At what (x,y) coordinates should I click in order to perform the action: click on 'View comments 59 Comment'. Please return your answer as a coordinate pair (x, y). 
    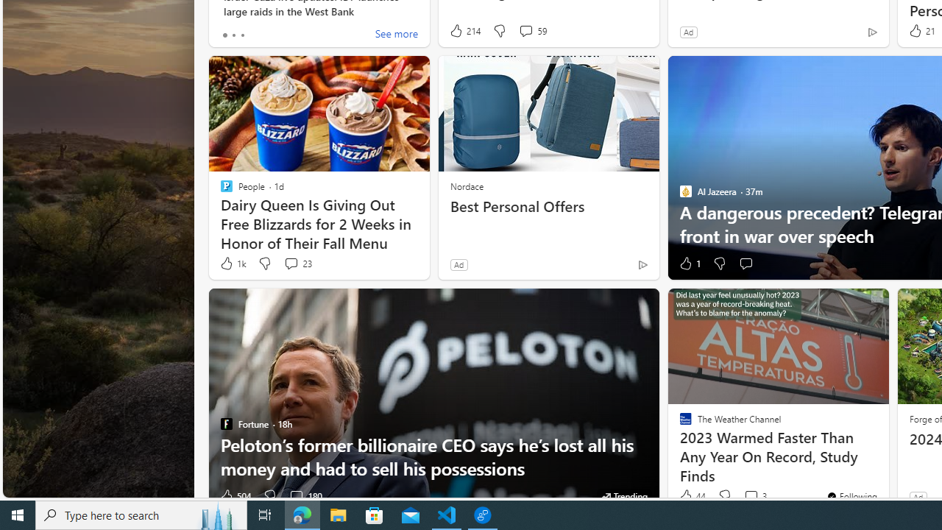
    Looking at the image, I should click on (525, 30).